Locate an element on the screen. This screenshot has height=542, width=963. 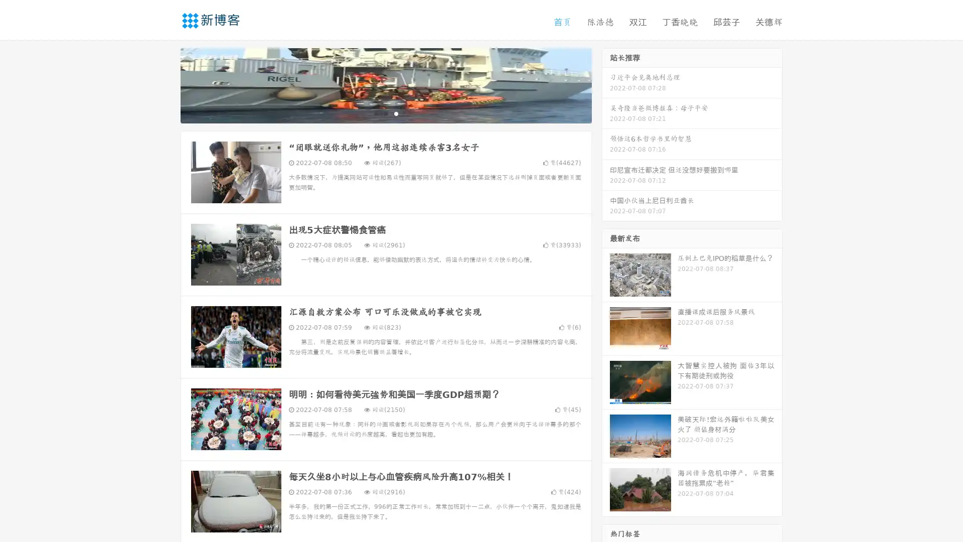
Go to slide 3 is located at coordinates (396, 113).